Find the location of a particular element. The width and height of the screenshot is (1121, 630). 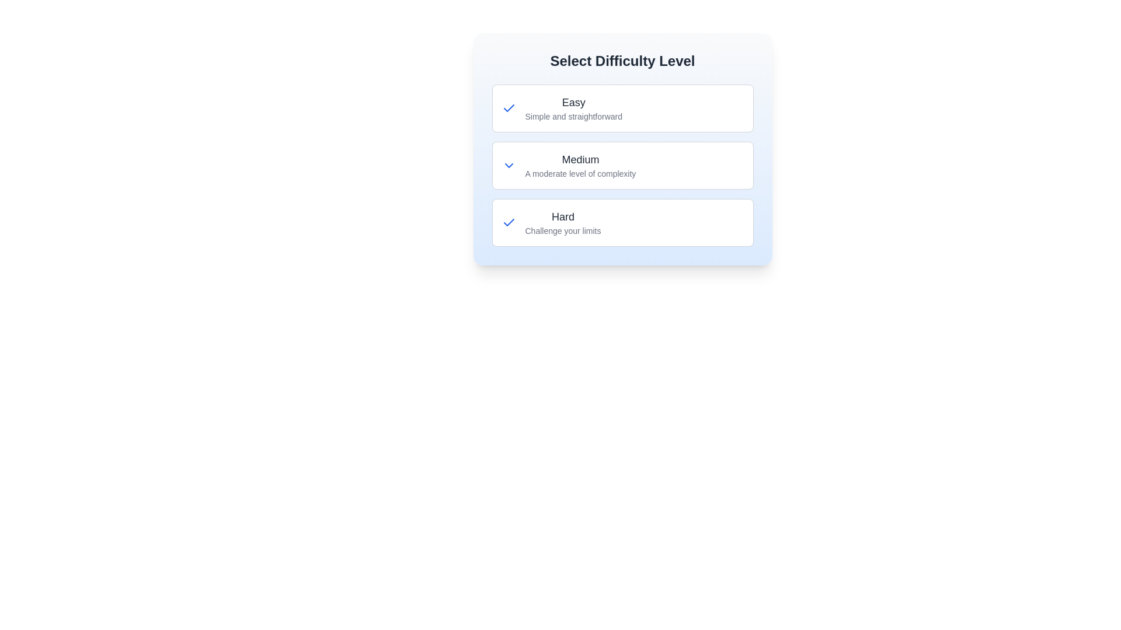

the 'Hard' difficulty label, which is styled with a medium font weight and large dark gray text, located in the third option block of the difficulty selection interface is located at coordinates (563, 216).